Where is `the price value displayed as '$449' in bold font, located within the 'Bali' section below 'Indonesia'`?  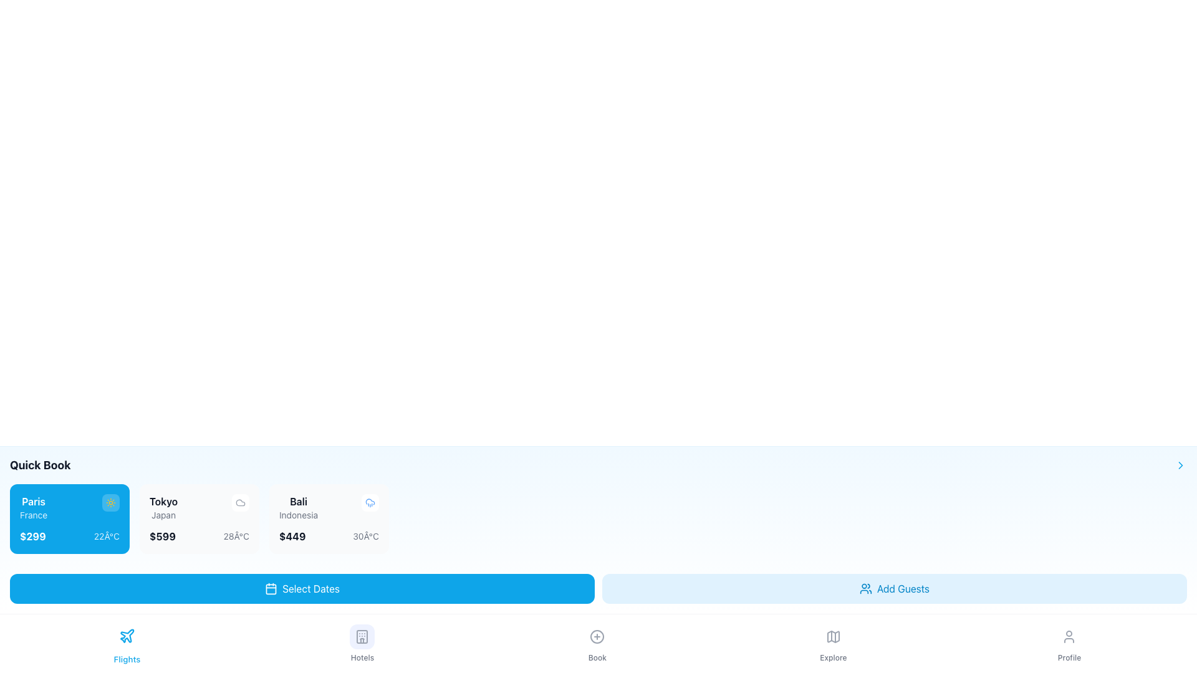 the price value displayed as '$449' in bold font, located within the 'Bali' section below 'Indonesia' is located at coordinates (292, 535).